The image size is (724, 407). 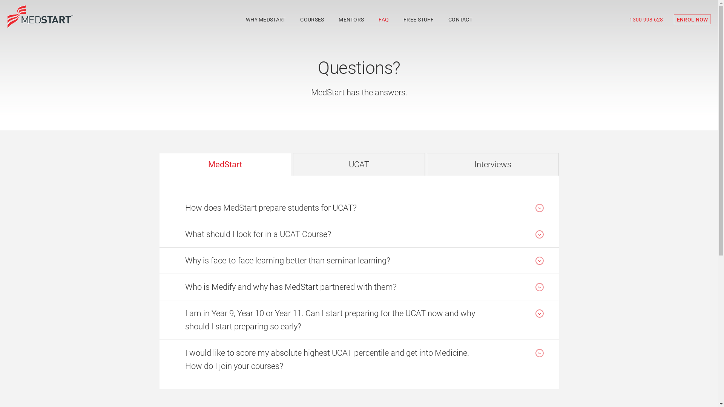 What do you see at coordinates (358, 164) in the screenshot?
I see `'UCAT'` at bounding box center [358, 164].